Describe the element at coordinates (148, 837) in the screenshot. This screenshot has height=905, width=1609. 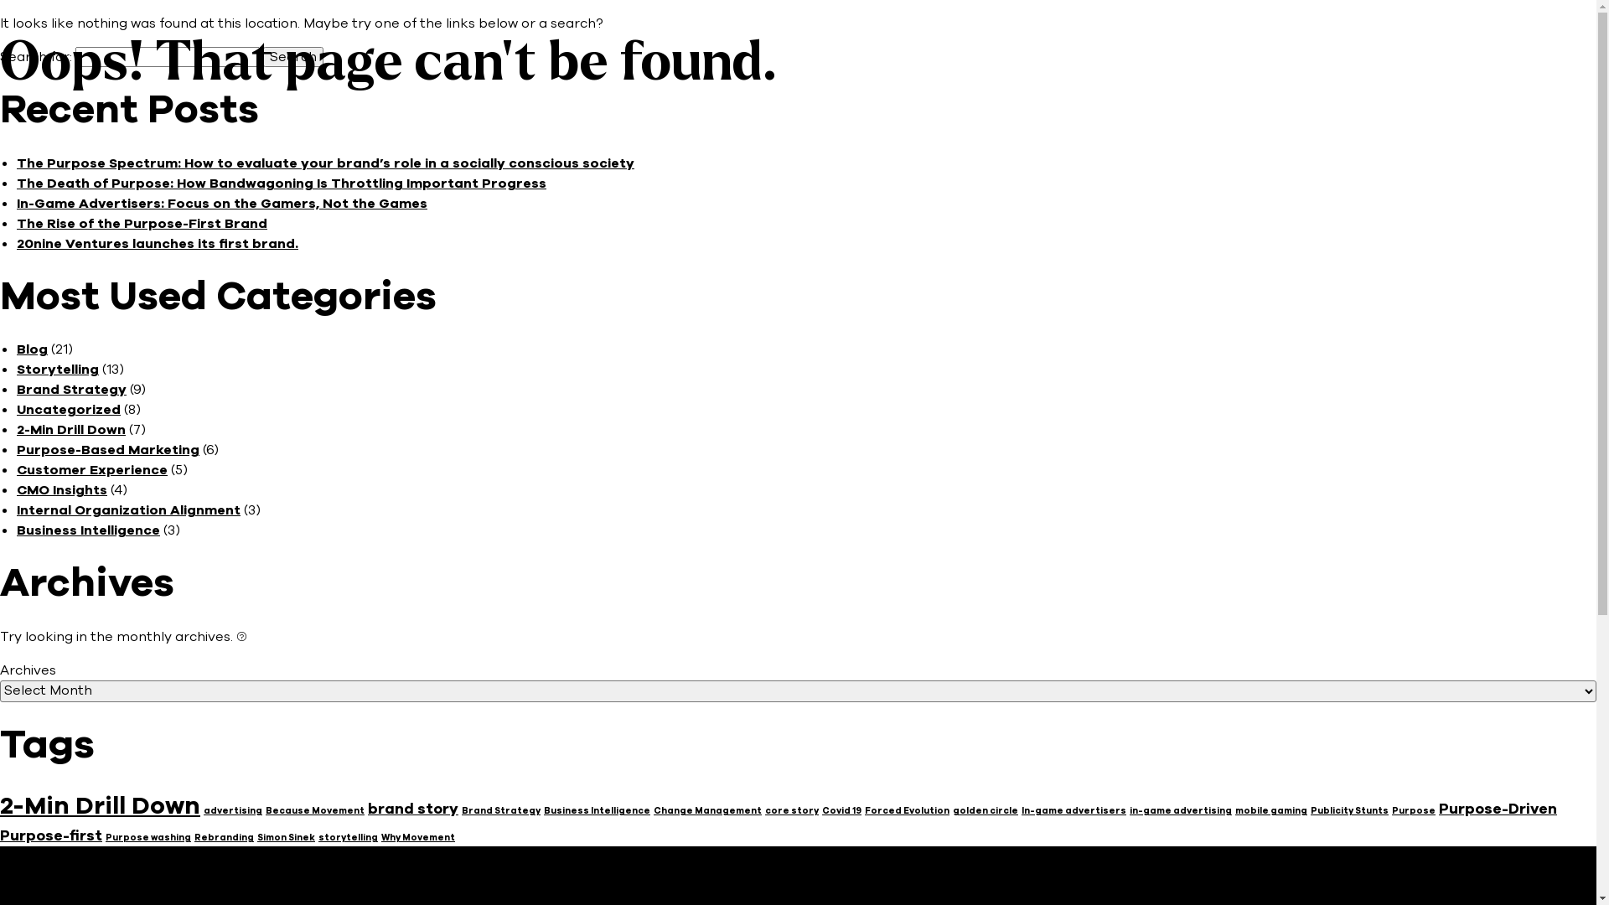
I see `'Purpose washing'` at that location.